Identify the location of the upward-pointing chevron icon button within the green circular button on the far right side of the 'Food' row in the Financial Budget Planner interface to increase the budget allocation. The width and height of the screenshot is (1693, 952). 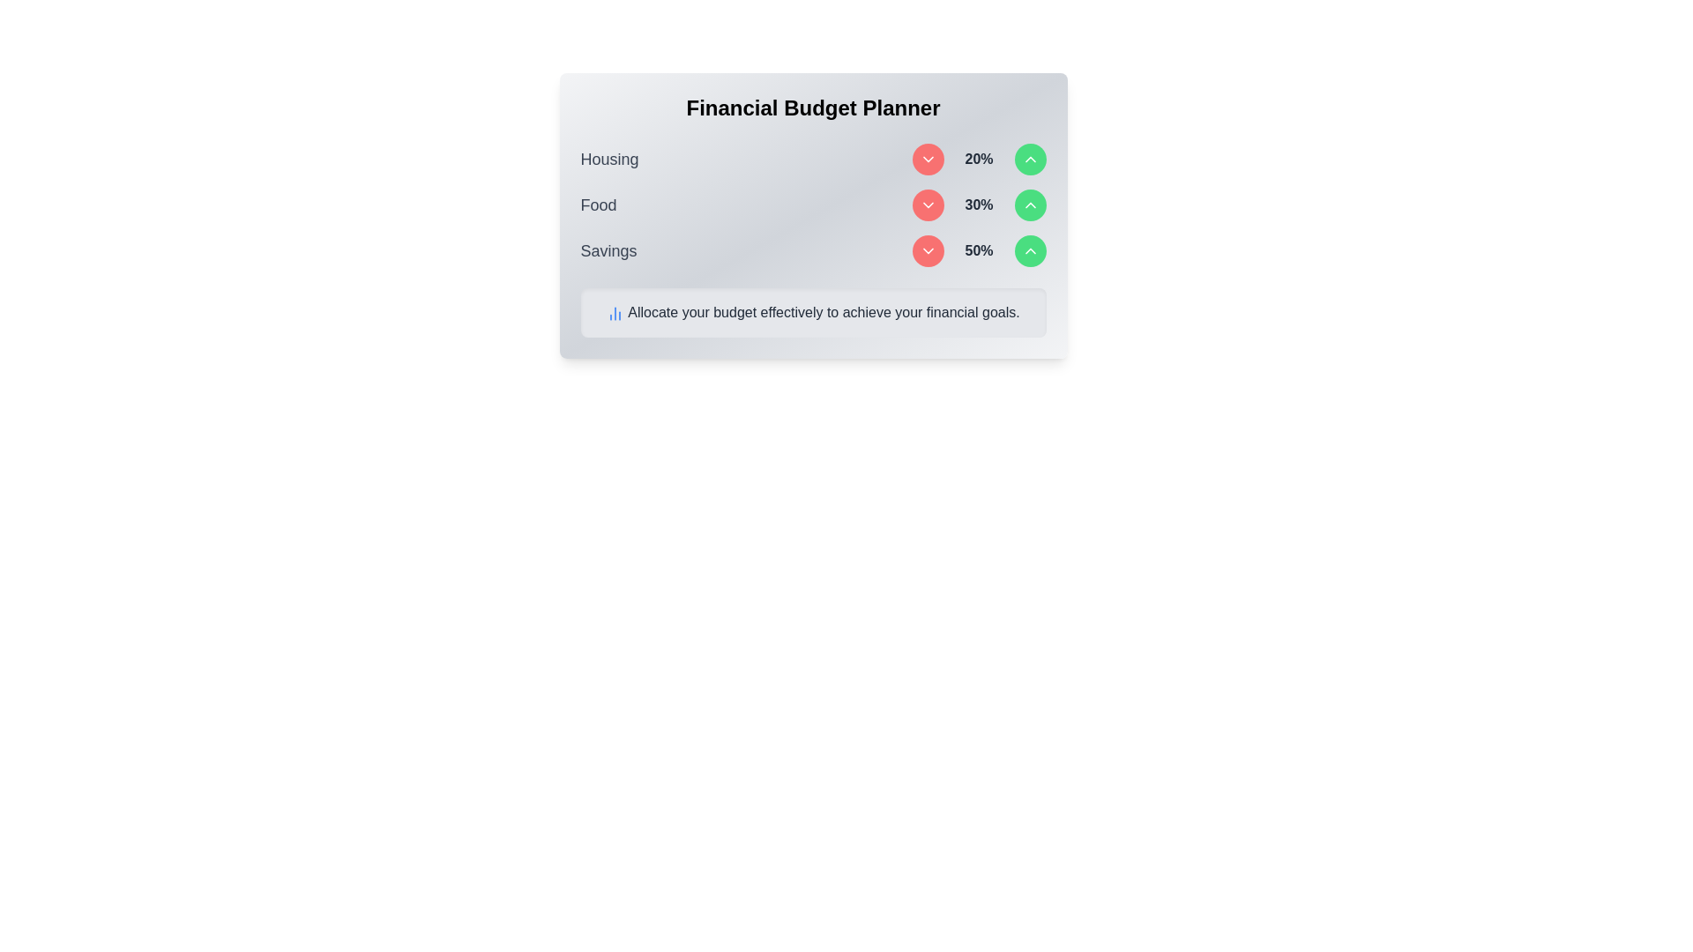
(1030, 251).